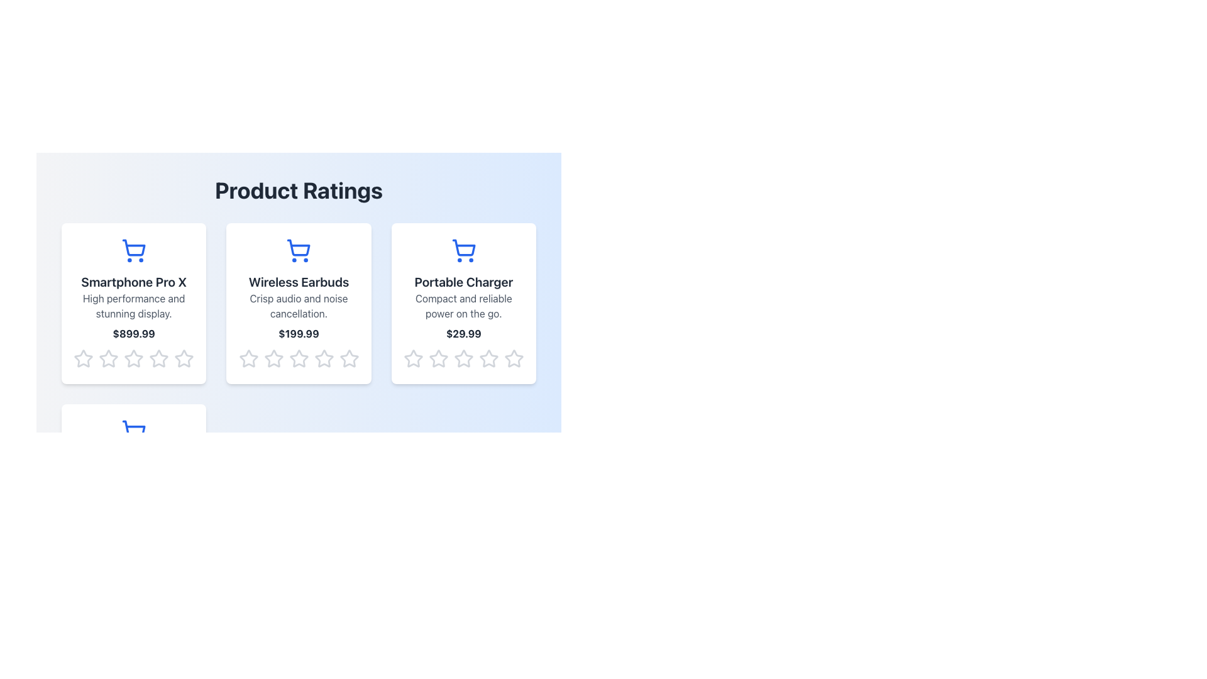  Describe the element at coordinates (158, 358) in the screenshot. I see `the fourth empty outline star icon in the rating section of the 'Smartphone Pro X' product card to rate it` at that location.